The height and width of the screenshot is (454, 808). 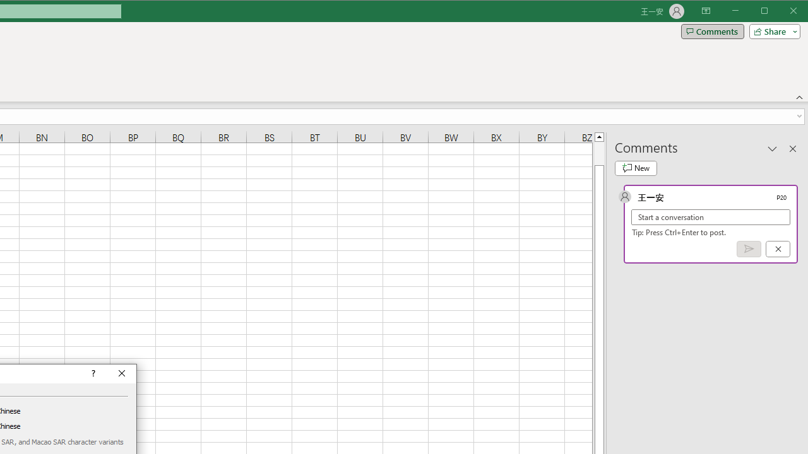 What do you see at coordinates (92, 373) in the screenshot?
I see `'Context help'` at bounding box center [92, 373].